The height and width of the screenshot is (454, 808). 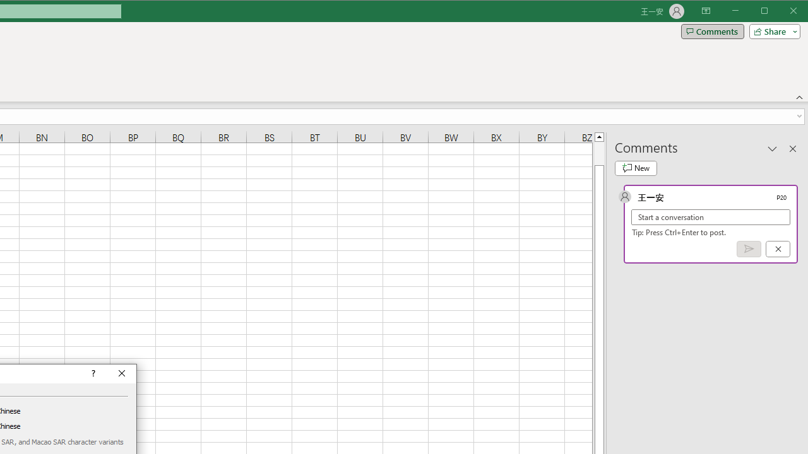 What do you see at coordinates (92, 373) in the screenshot?
I see `'Context help'` at bounding box center [92, 373].